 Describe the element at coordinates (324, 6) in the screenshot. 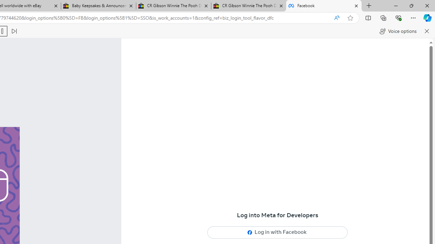

I see `'Facebook'` at that location.